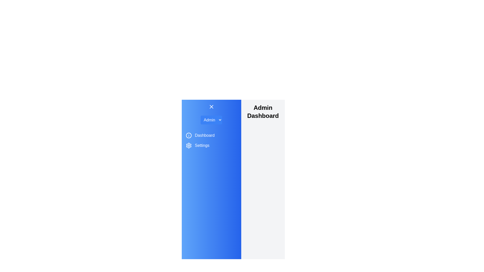 The height and width of the screenshot is (272, 484). I want to click on the role Editor from the dropdown menu, so click(211, 120).